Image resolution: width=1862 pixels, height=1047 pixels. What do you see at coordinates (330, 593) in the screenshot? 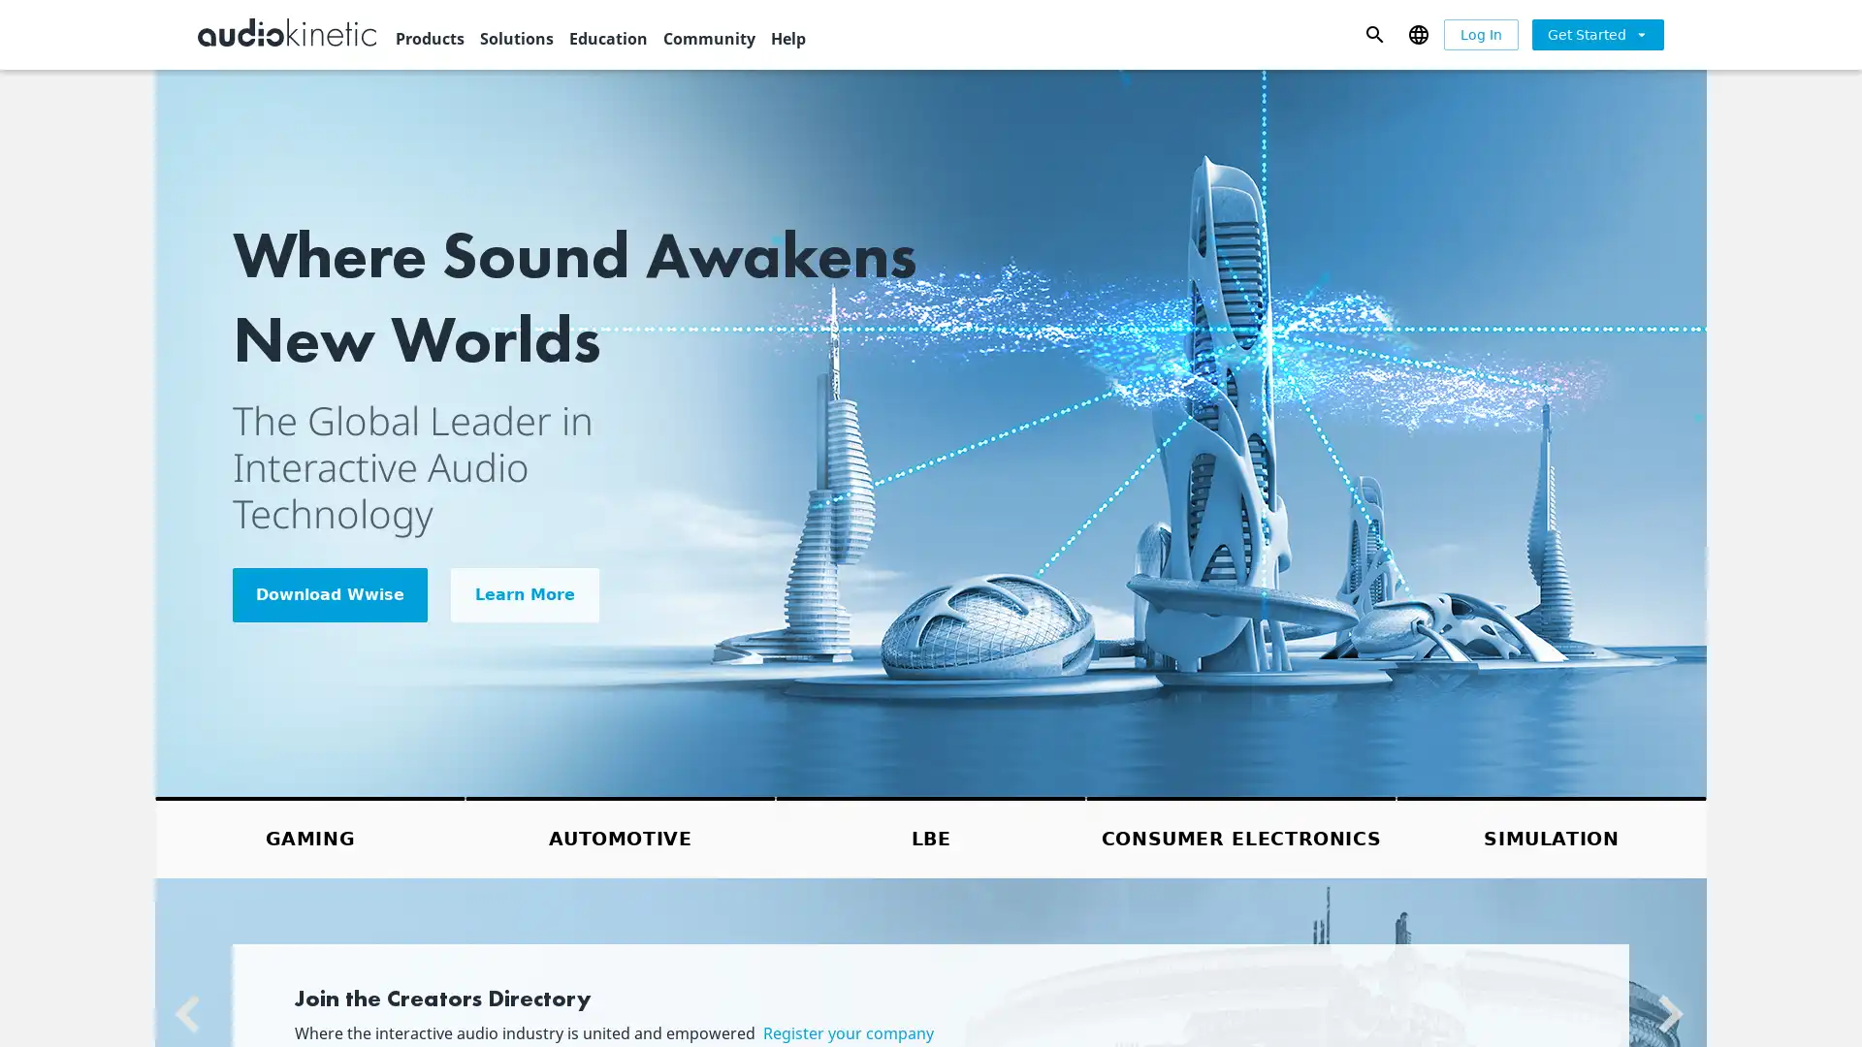
I see `Download Wwise` at bounding box center [330, 593].